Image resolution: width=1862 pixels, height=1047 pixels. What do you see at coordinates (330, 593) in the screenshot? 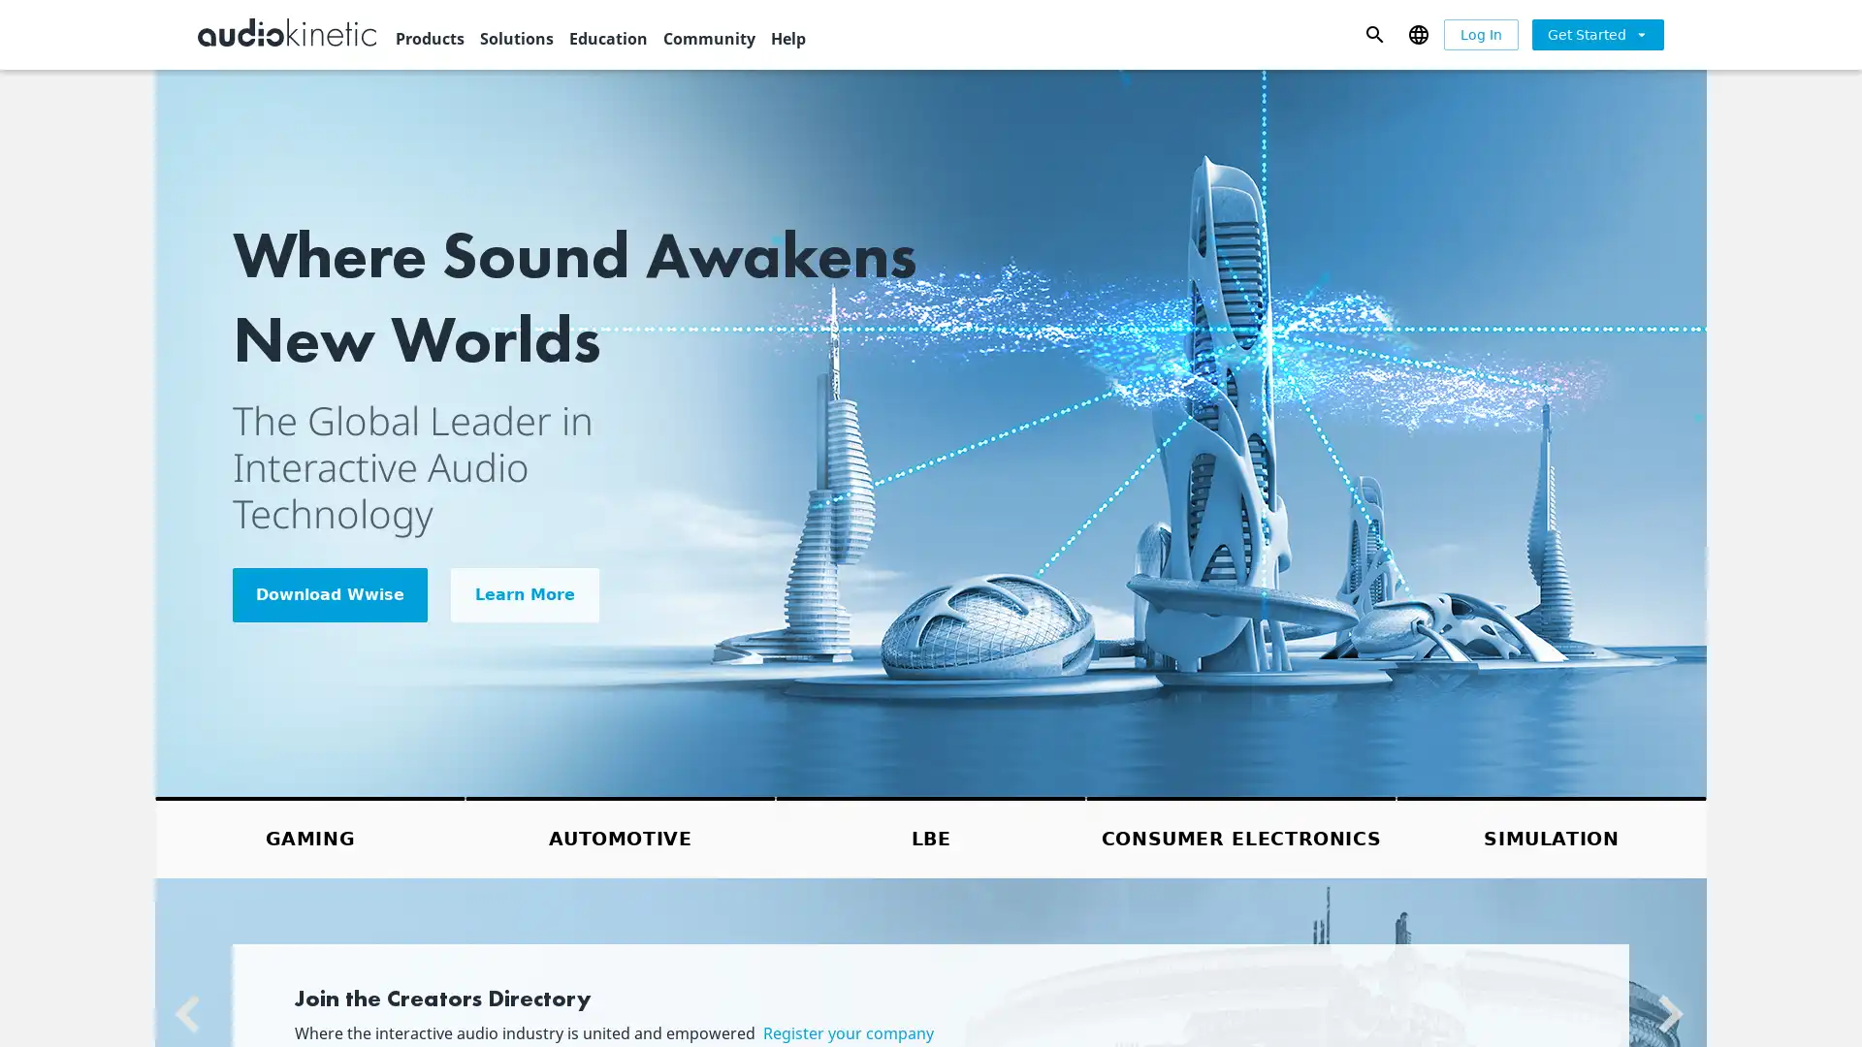
I see `Download Wwise` at bounding box center [330, 593].